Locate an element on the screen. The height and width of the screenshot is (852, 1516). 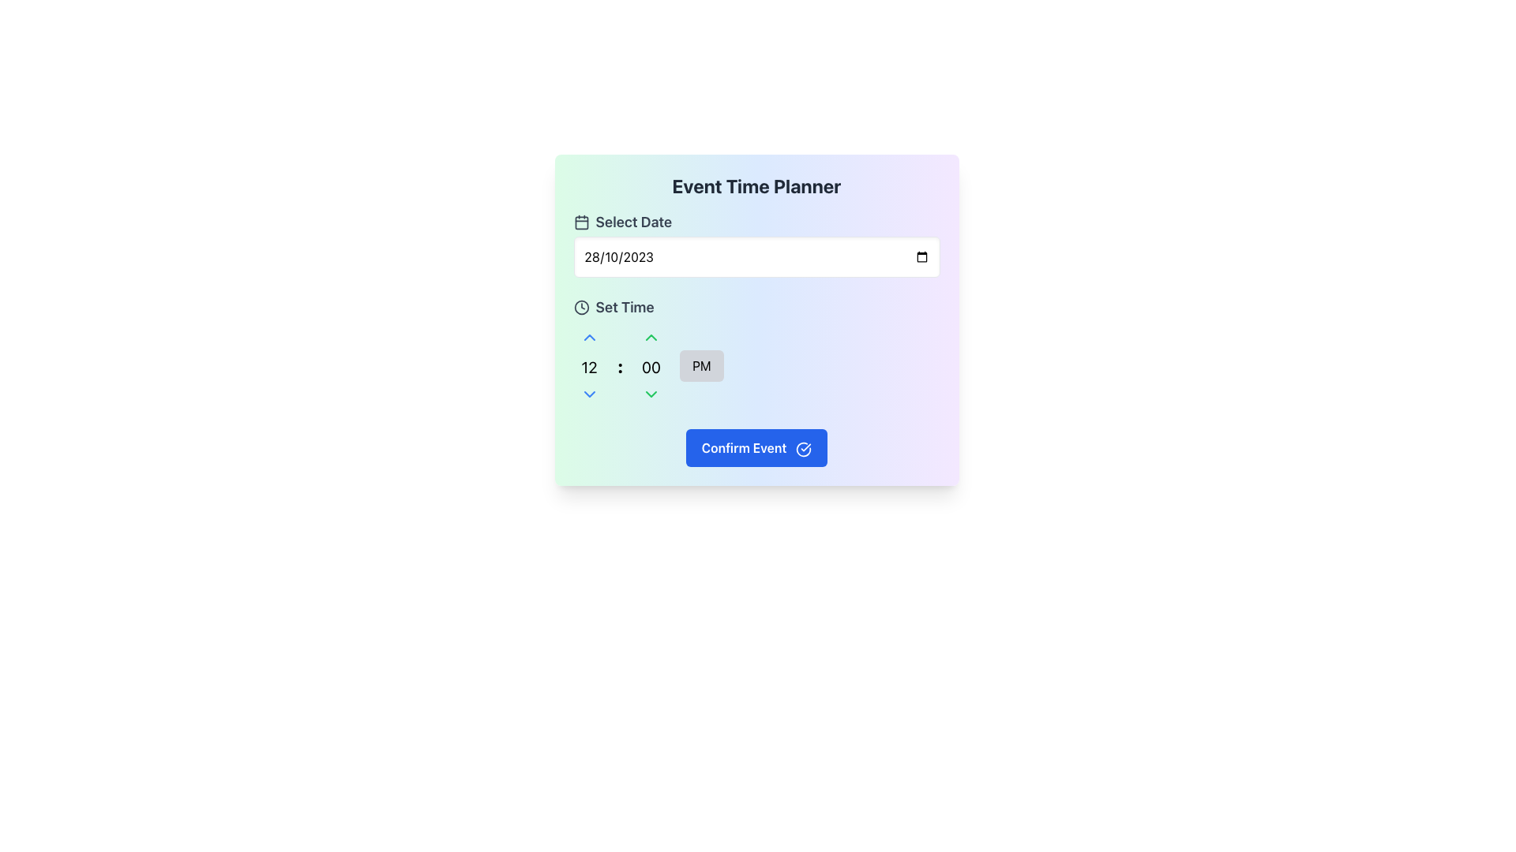
the downward-pointing green chevron button located below the '00' display in the time adjustment UI is located at coordinates (651, 394).